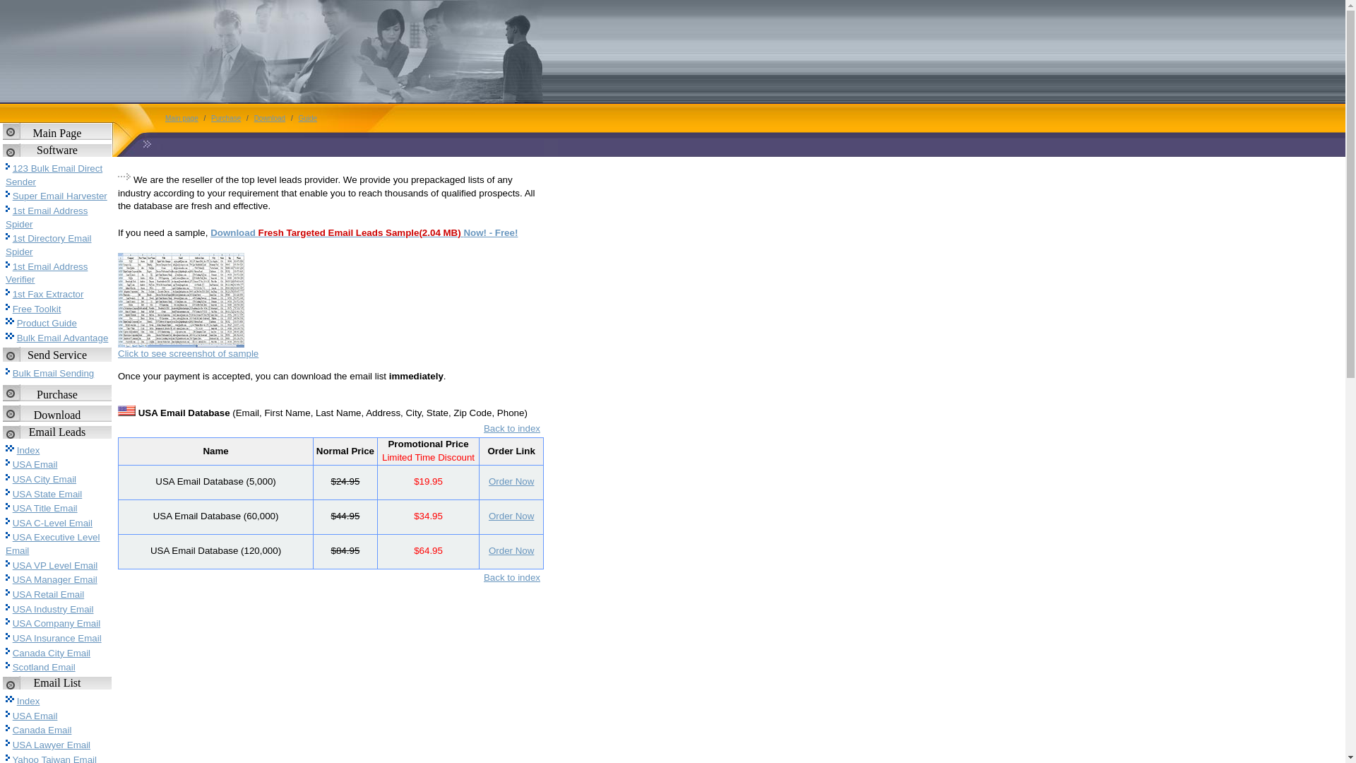 This screenshot has height=763, width=1356. I want to click on 'USA Manager Email', so click(54, 579).